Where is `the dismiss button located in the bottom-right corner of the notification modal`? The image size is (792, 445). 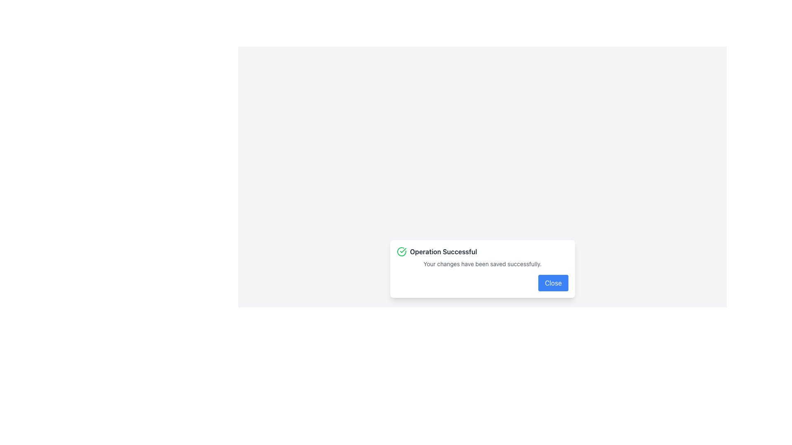
the dismiss button located in the bottom-right corner of the notification modal is located at coordinates (553, 282).